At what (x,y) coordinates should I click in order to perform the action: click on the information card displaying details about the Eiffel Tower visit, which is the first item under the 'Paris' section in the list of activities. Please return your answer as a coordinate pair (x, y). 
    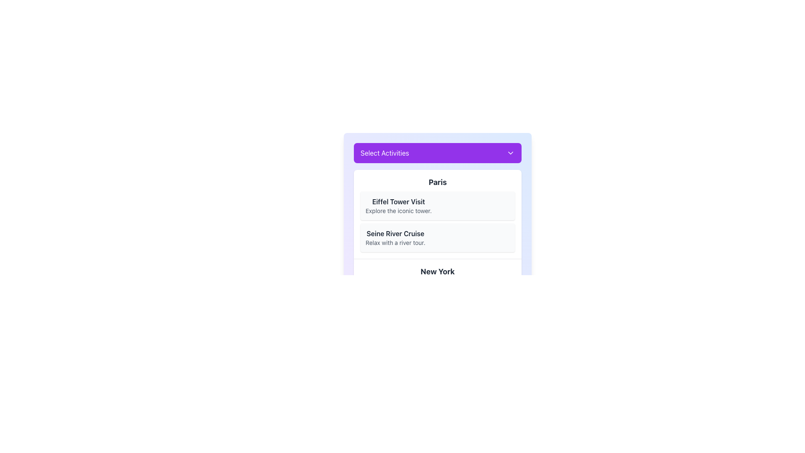
    Looking at the image, I should click on (437, 213).